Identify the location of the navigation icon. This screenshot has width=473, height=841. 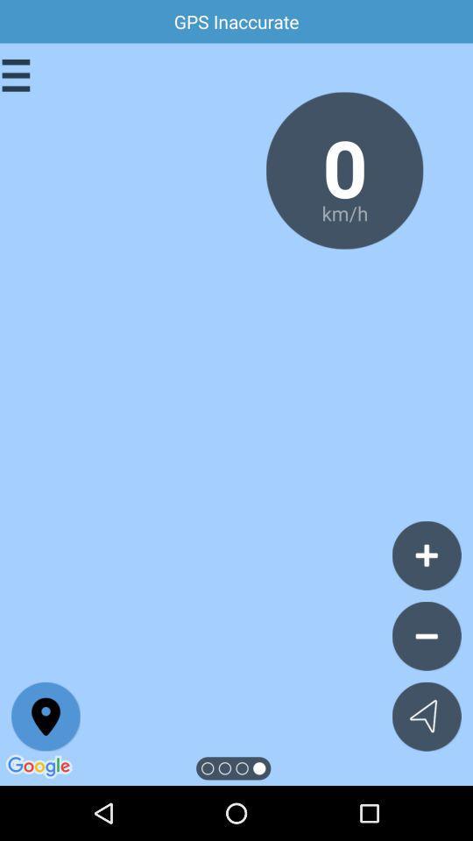
(426, 717).